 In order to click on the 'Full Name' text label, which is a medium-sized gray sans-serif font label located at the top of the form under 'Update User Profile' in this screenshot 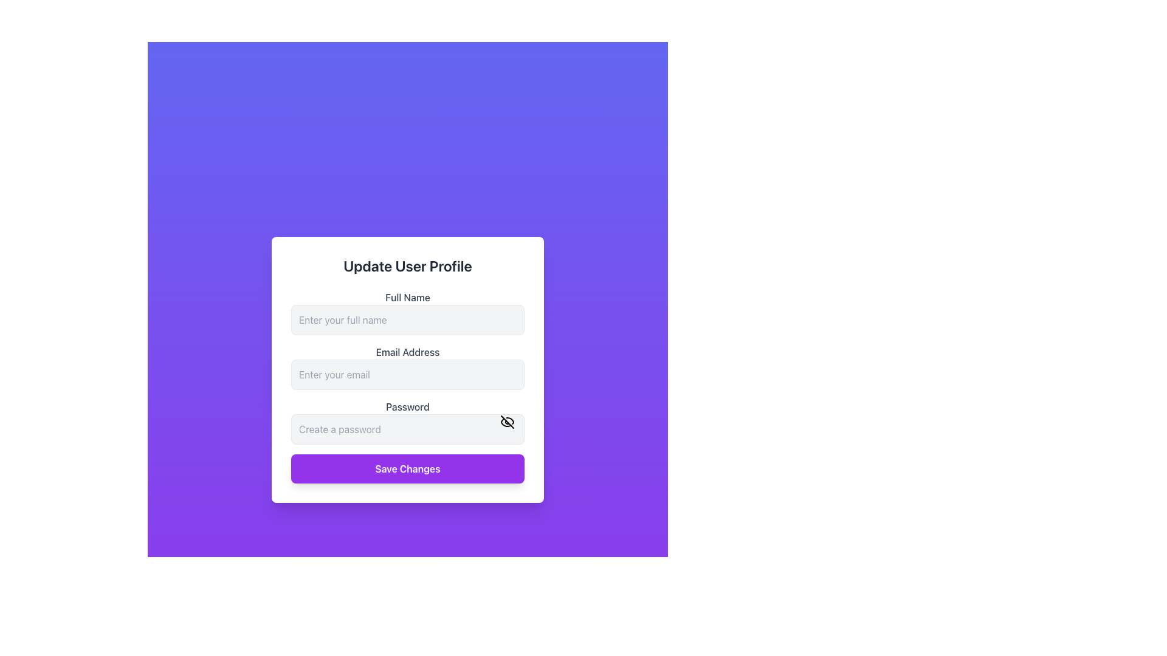, I will do `click(408, 297)`.